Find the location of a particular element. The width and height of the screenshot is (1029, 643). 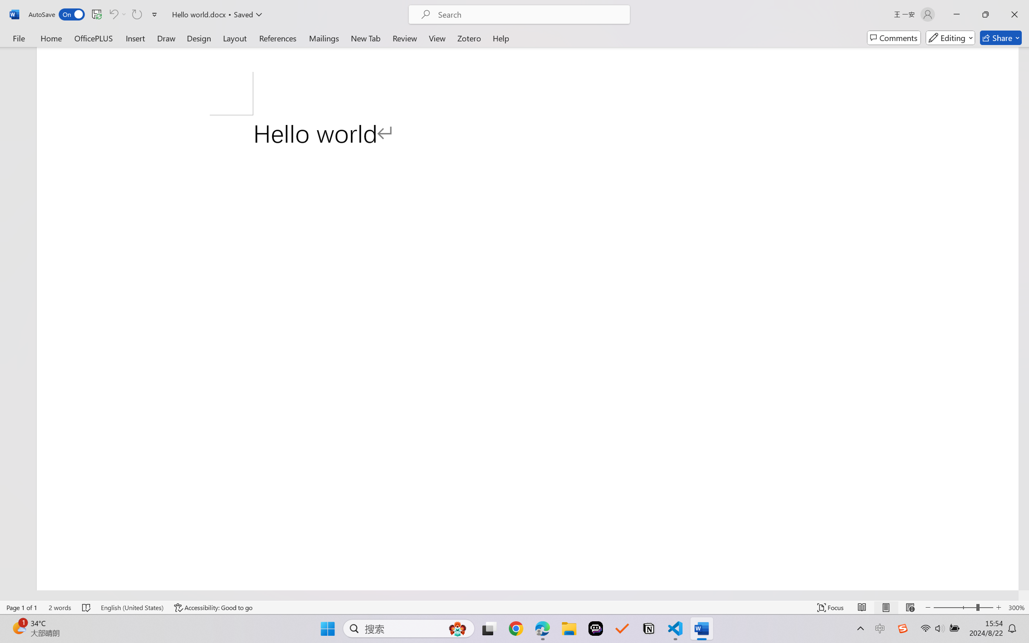

'Microsoft search' is located at coordinates (530, 14).